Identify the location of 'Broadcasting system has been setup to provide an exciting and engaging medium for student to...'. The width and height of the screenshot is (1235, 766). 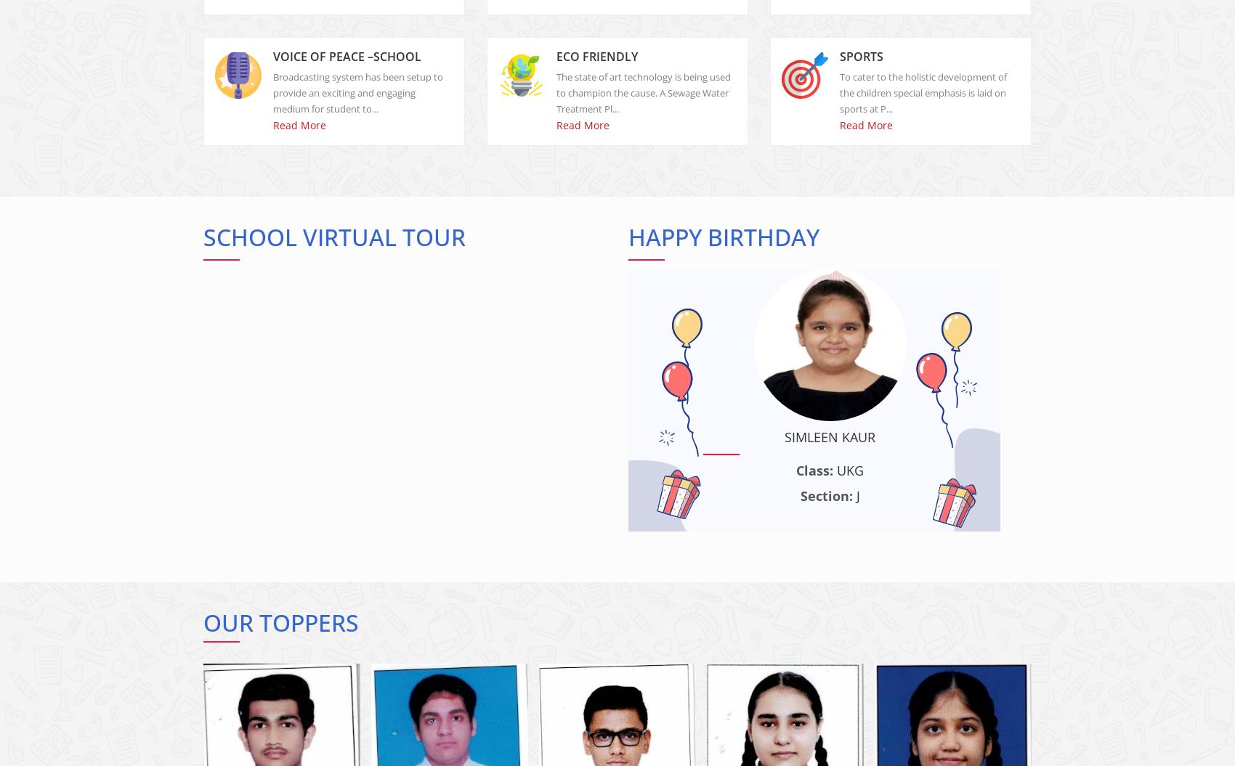
(357, 105).